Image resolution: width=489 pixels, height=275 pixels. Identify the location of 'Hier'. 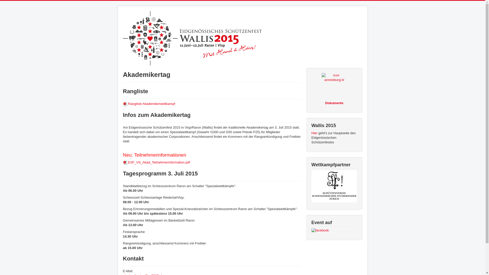
(314, 133).